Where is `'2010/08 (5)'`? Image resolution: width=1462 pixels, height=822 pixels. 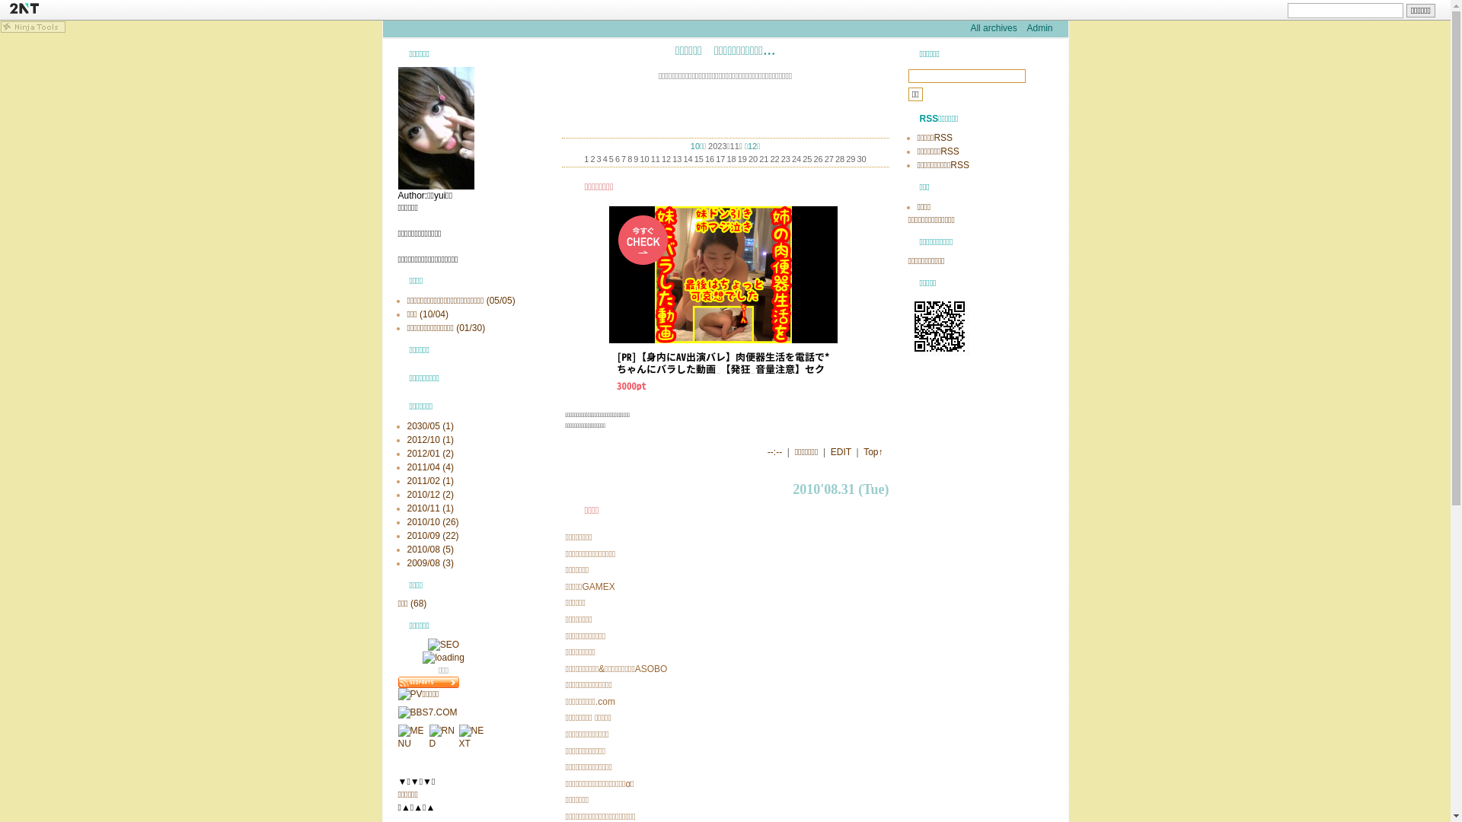
'2010/08 (5)' is located at coordinates (429, 549).